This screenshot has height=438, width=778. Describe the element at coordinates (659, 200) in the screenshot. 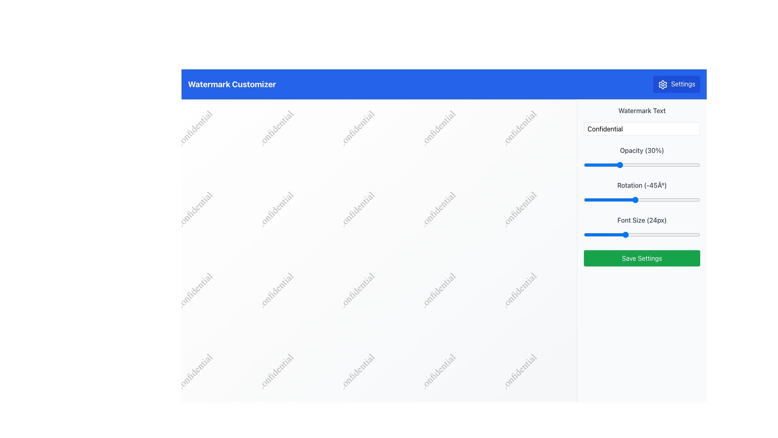

I see `rotation` at that location.